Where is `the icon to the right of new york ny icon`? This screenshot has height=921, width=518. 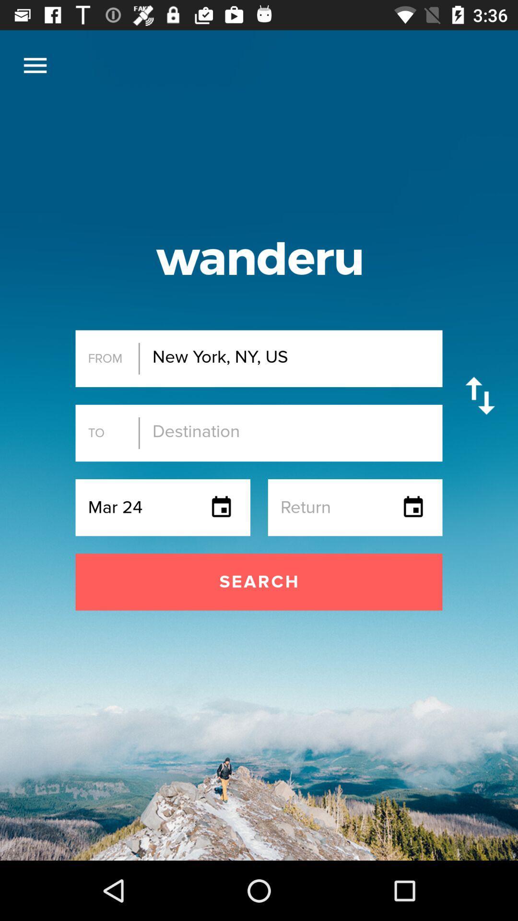
the icon to the right of new york ny icon is located at coordinates (480, 396).